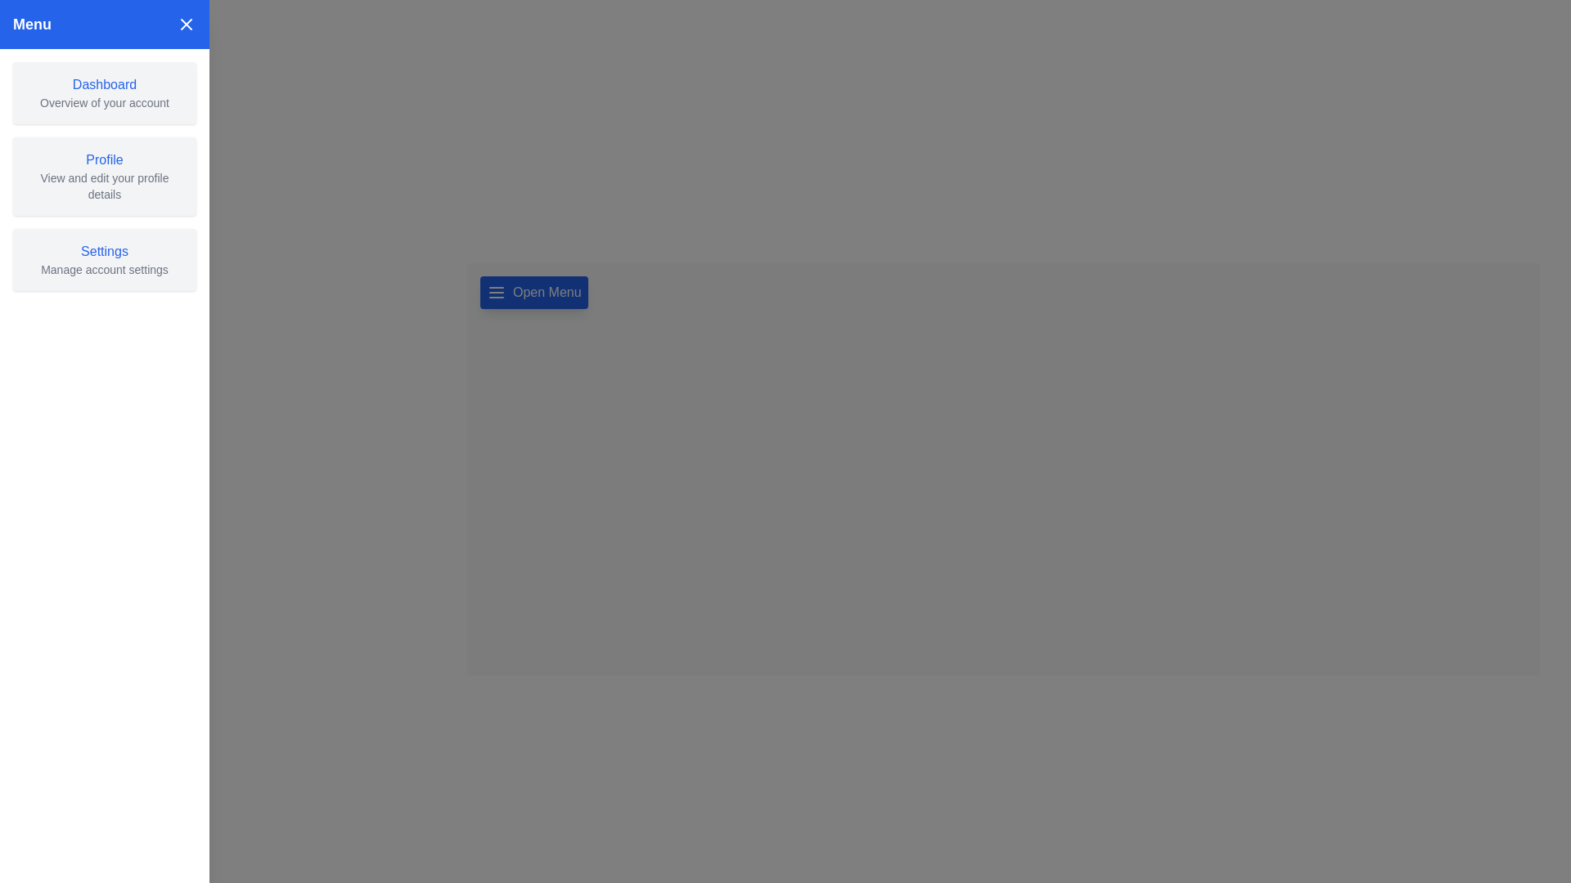 The width and height of the screenshot is (1571, 883). What do you see at coordinates (104, 269) in the screenshot?
I see `the static text label providing additional descriptive information about the 'Settings' menu item, which is positioned directly below the 'Settings' text in the menu list` at bounding box center [104, 269].